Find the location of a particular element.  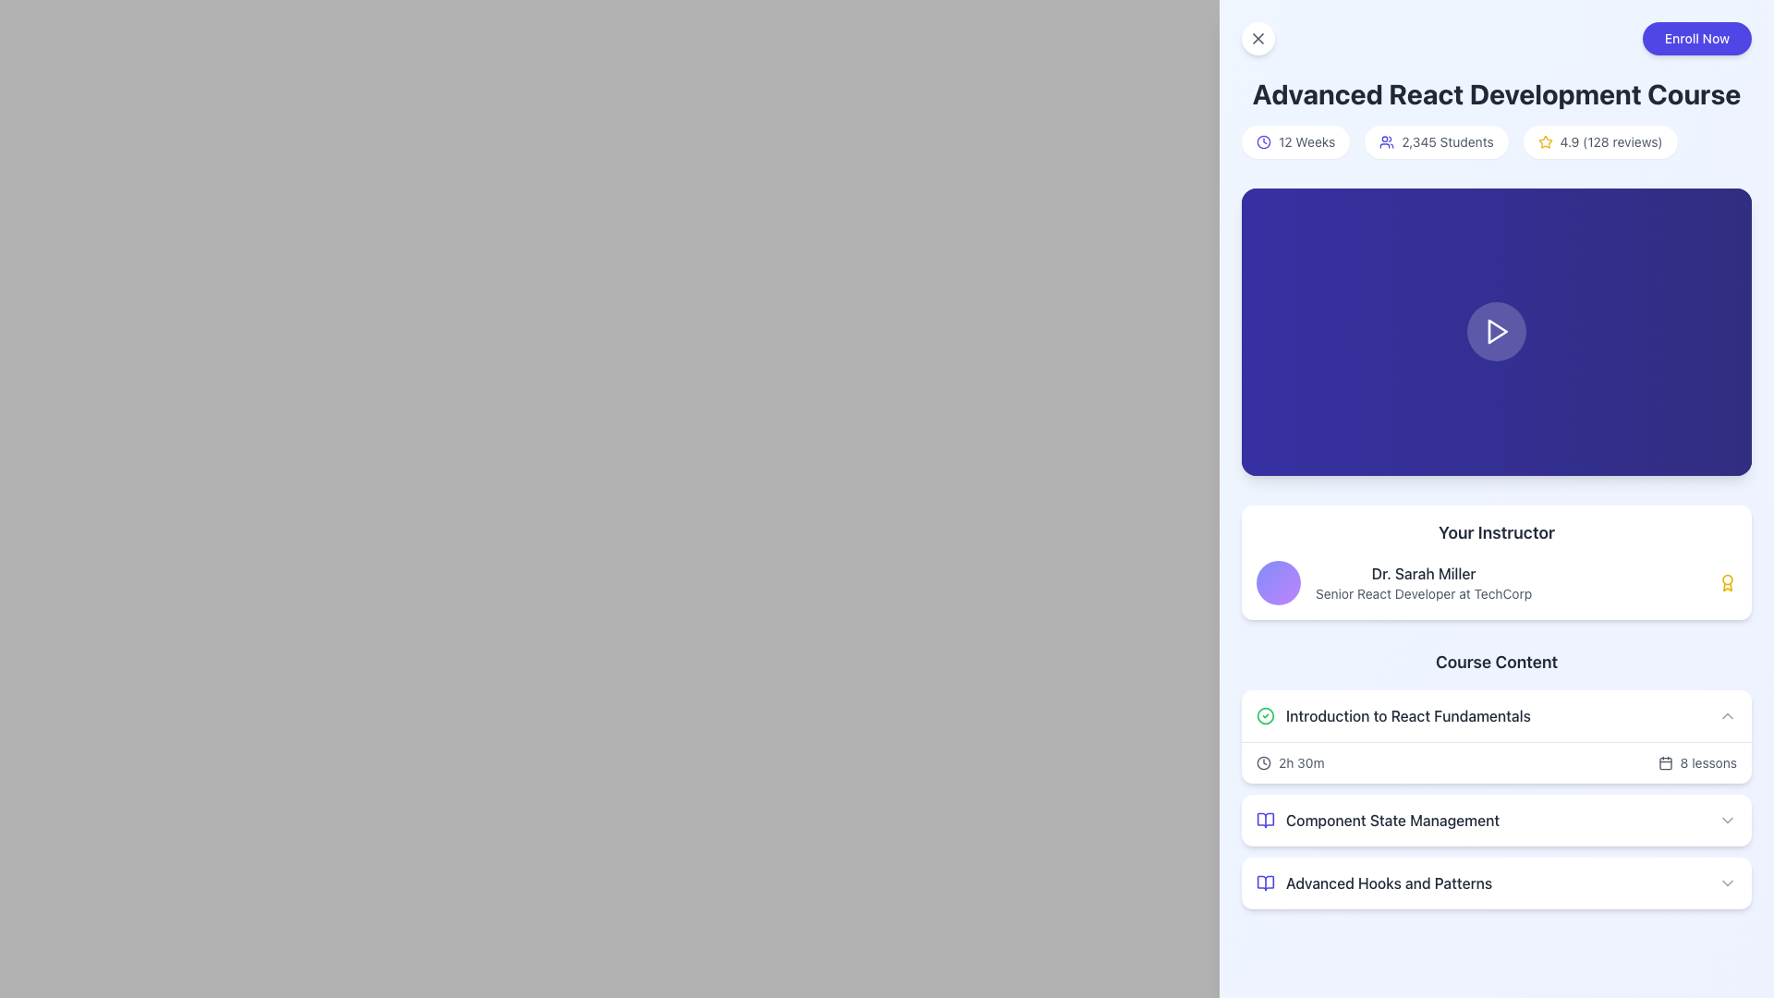

the enroll button located in the top-right corner of the layout section to initiate its visual hover state is located at coordinates (1696, 39).